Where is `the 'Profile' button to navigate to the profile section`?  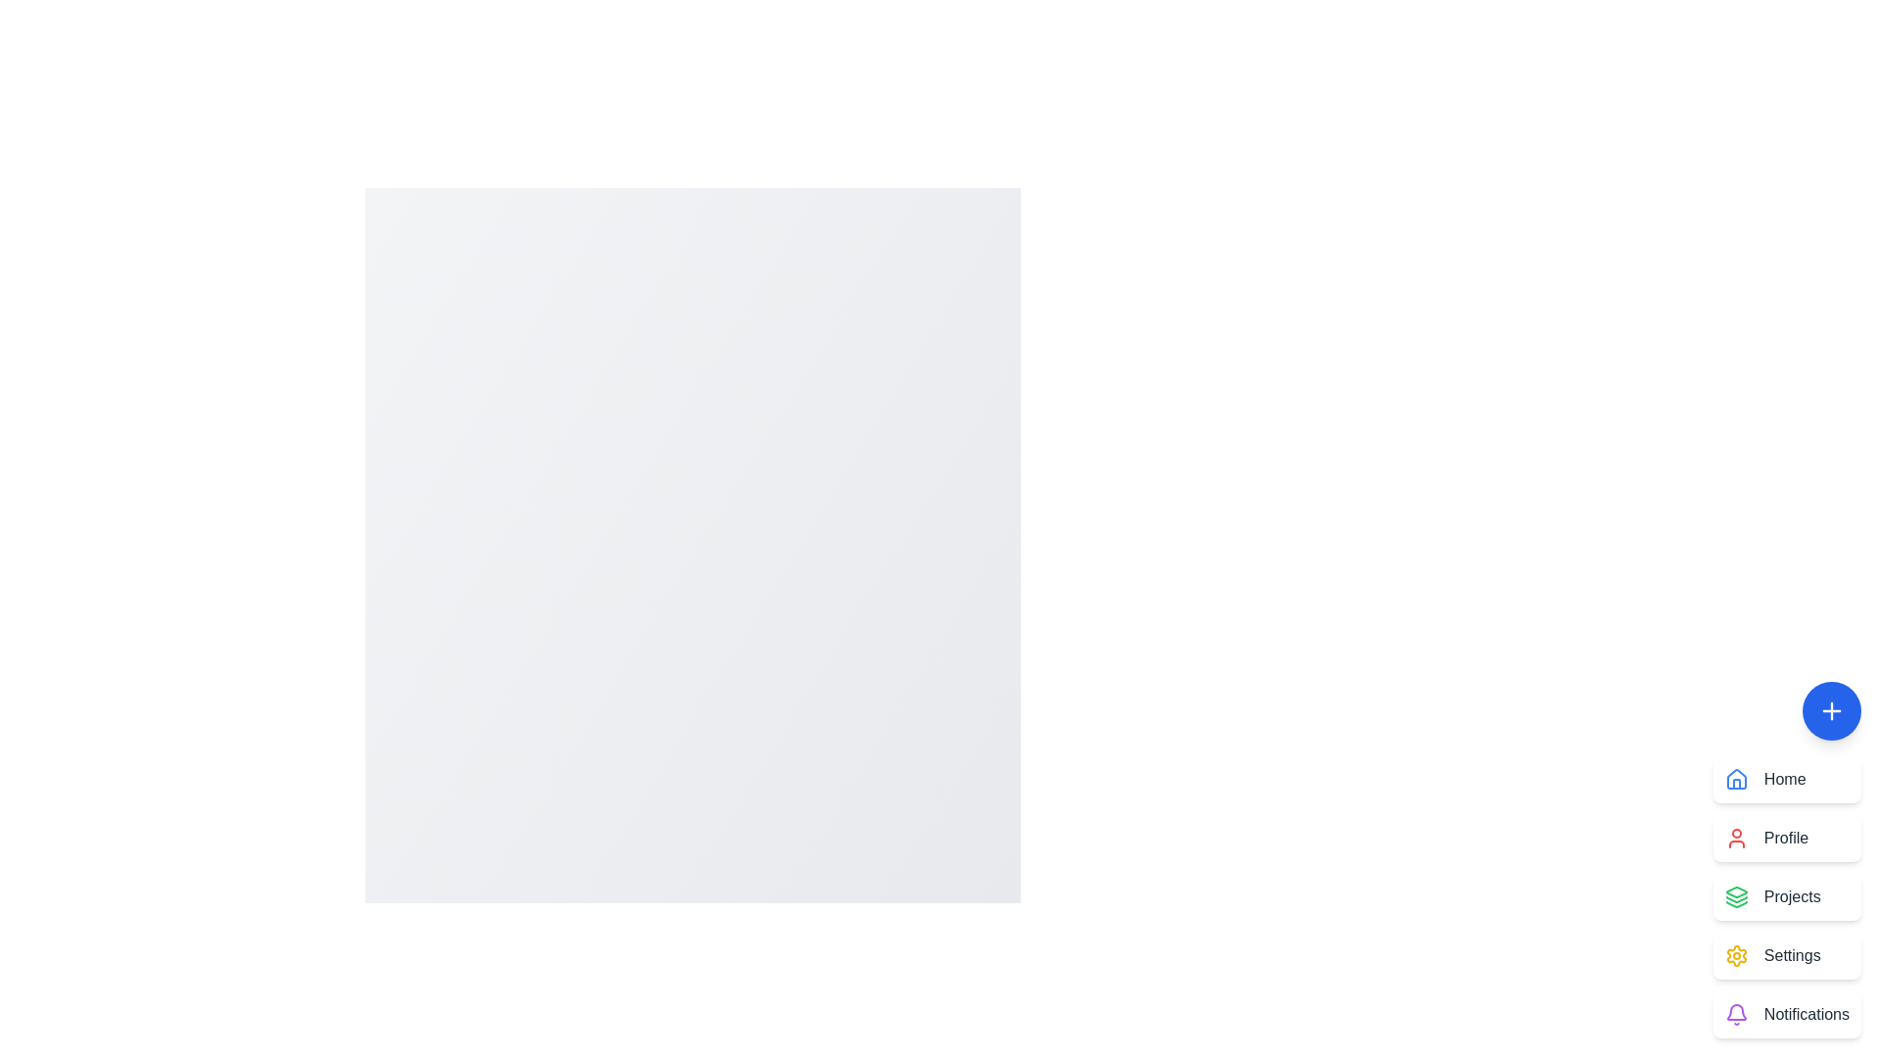
the 'Profile' button to navigate to the profile section is located at coordinates (1787, 838).